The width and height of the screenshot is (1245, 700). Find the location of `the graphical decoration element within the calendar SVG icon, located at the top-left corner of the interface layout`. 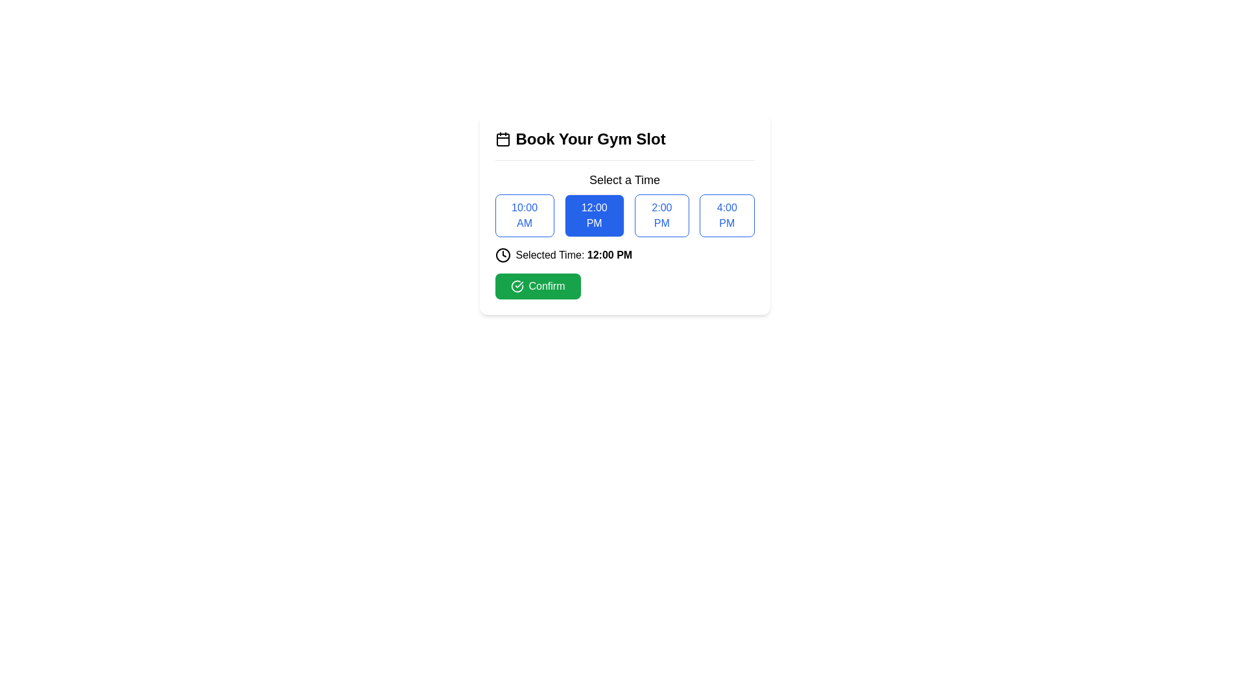

the graphical decoration element within the calendar SVG icon, located at the top-left corner of the interface layout is located at coordinates (502, 140).